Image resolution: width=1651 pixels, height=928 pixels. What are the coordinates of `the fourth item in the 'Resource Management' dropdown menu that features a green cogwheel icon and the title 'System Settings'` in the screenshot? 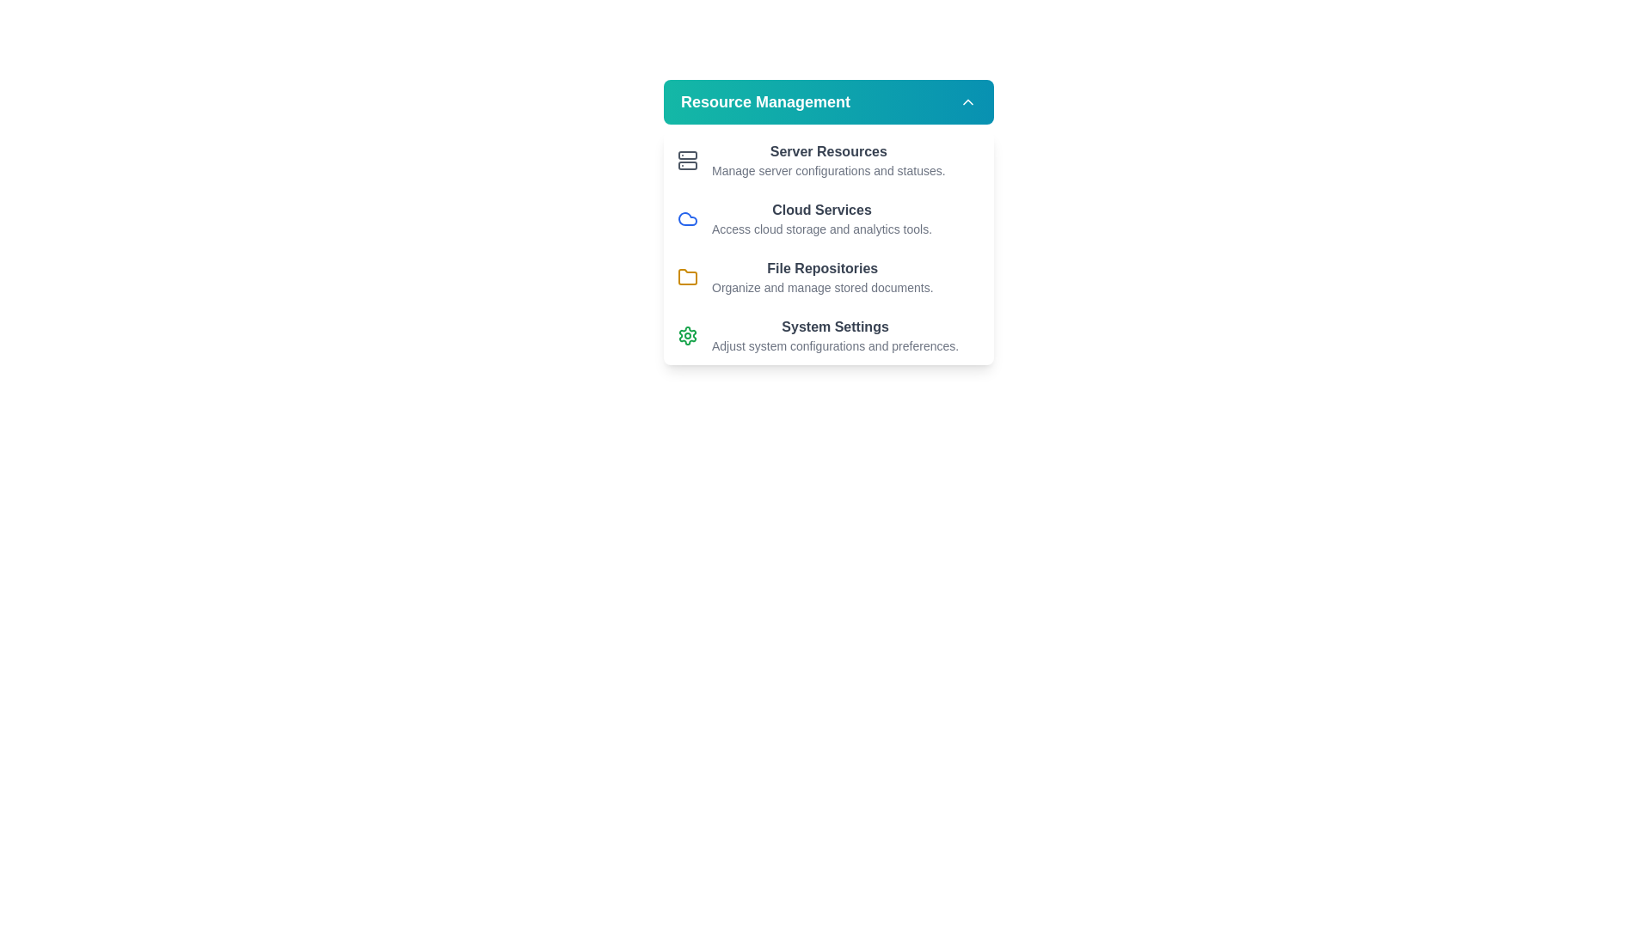 It's located at (829, 335).